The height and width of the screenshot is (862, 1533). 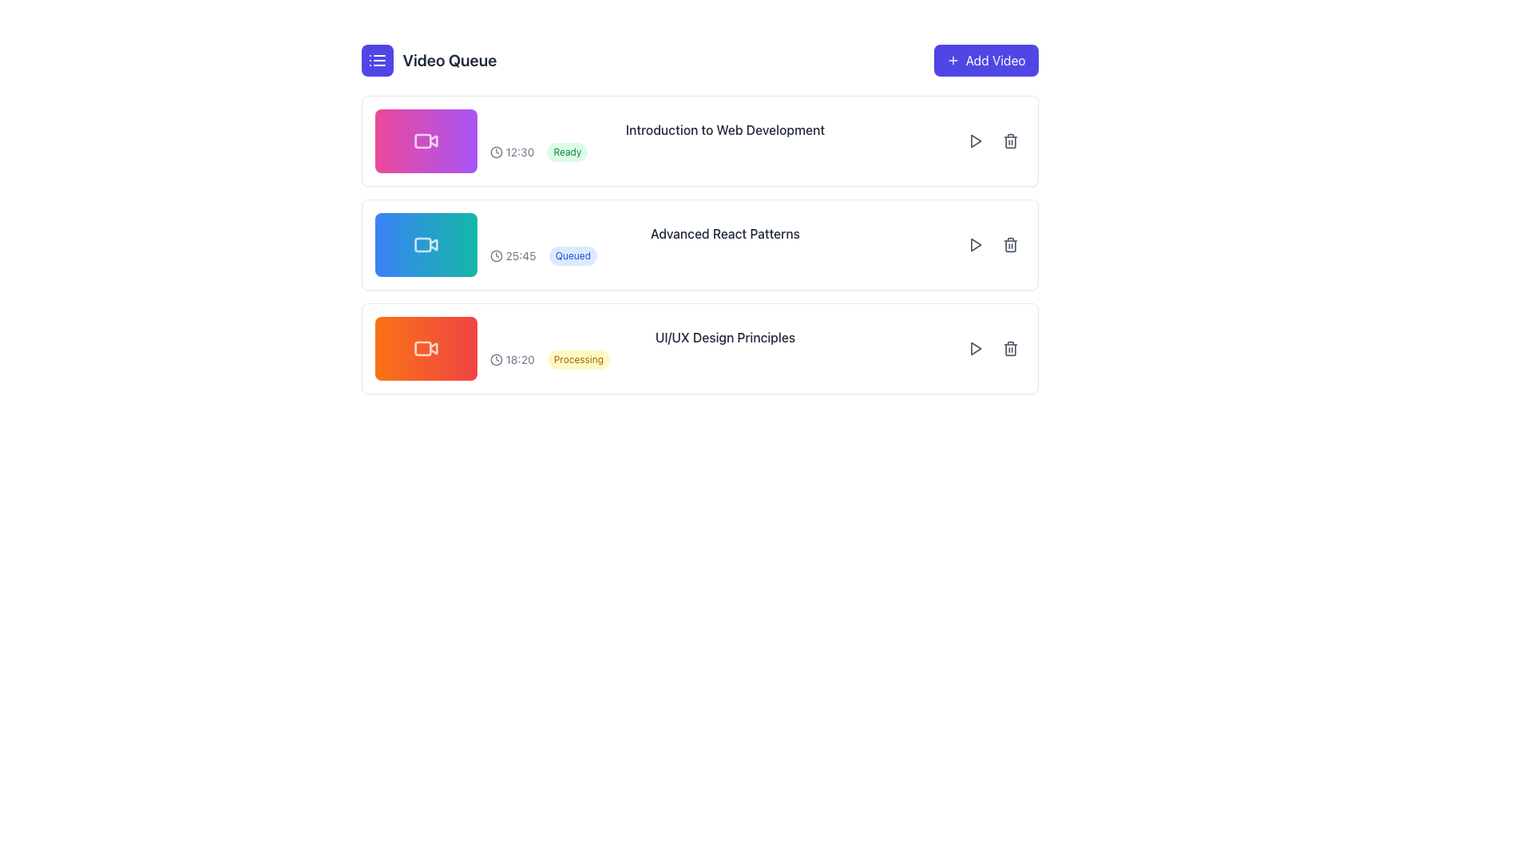 I want to click on the circular play button located in the action column of the 'Advanced React Patterns' row to observe the color change effect, so click(x=974, y=245).